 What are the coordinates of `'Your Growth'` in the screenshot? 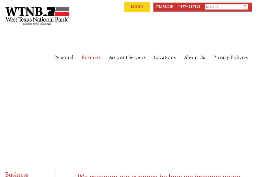 It's located at (45, 101).